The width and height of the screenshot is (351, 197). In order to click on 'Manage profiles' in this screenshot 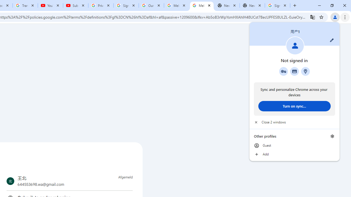, I will do `click(332, 136)`.